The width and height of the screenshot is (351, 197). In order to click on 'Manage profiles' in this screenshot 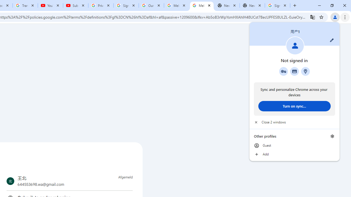, I will do `click(332, 136)`.